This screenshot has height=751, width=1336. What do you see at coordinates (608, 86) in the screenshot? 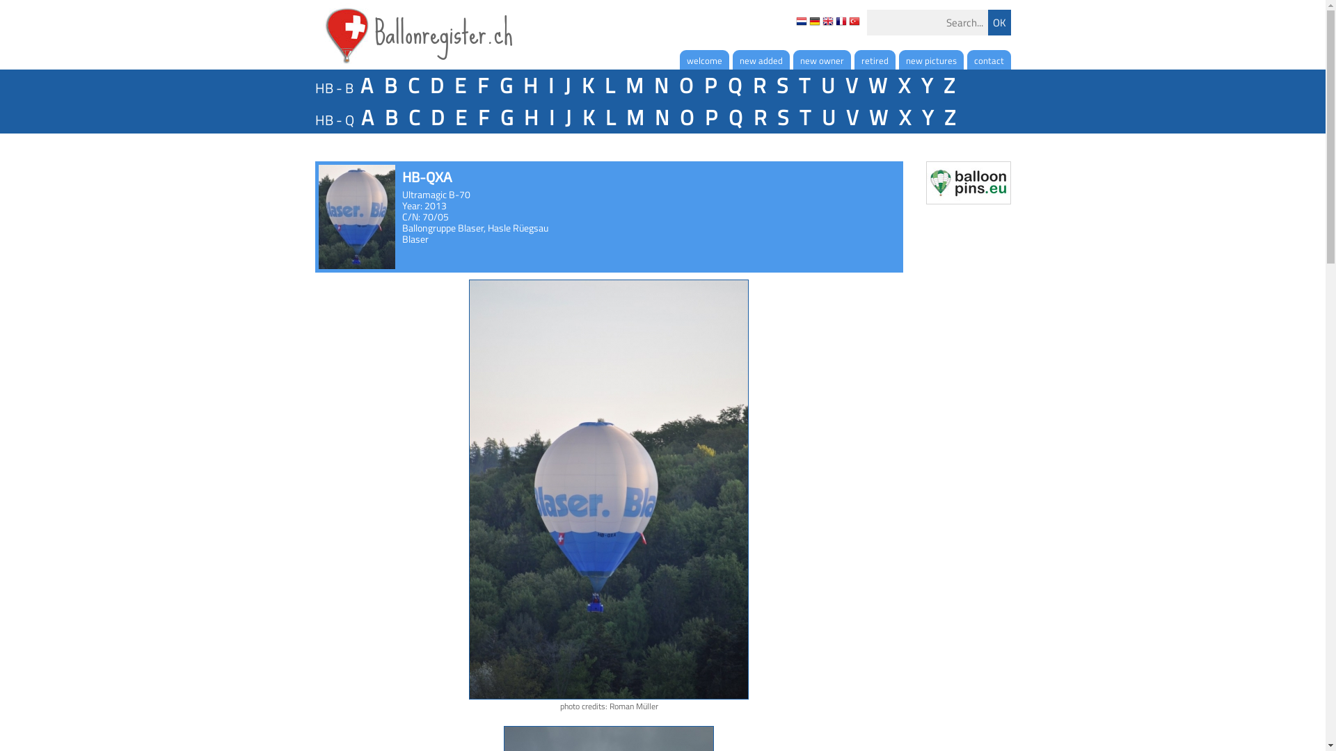
I see `'L'` at bounding box center [608, 86].